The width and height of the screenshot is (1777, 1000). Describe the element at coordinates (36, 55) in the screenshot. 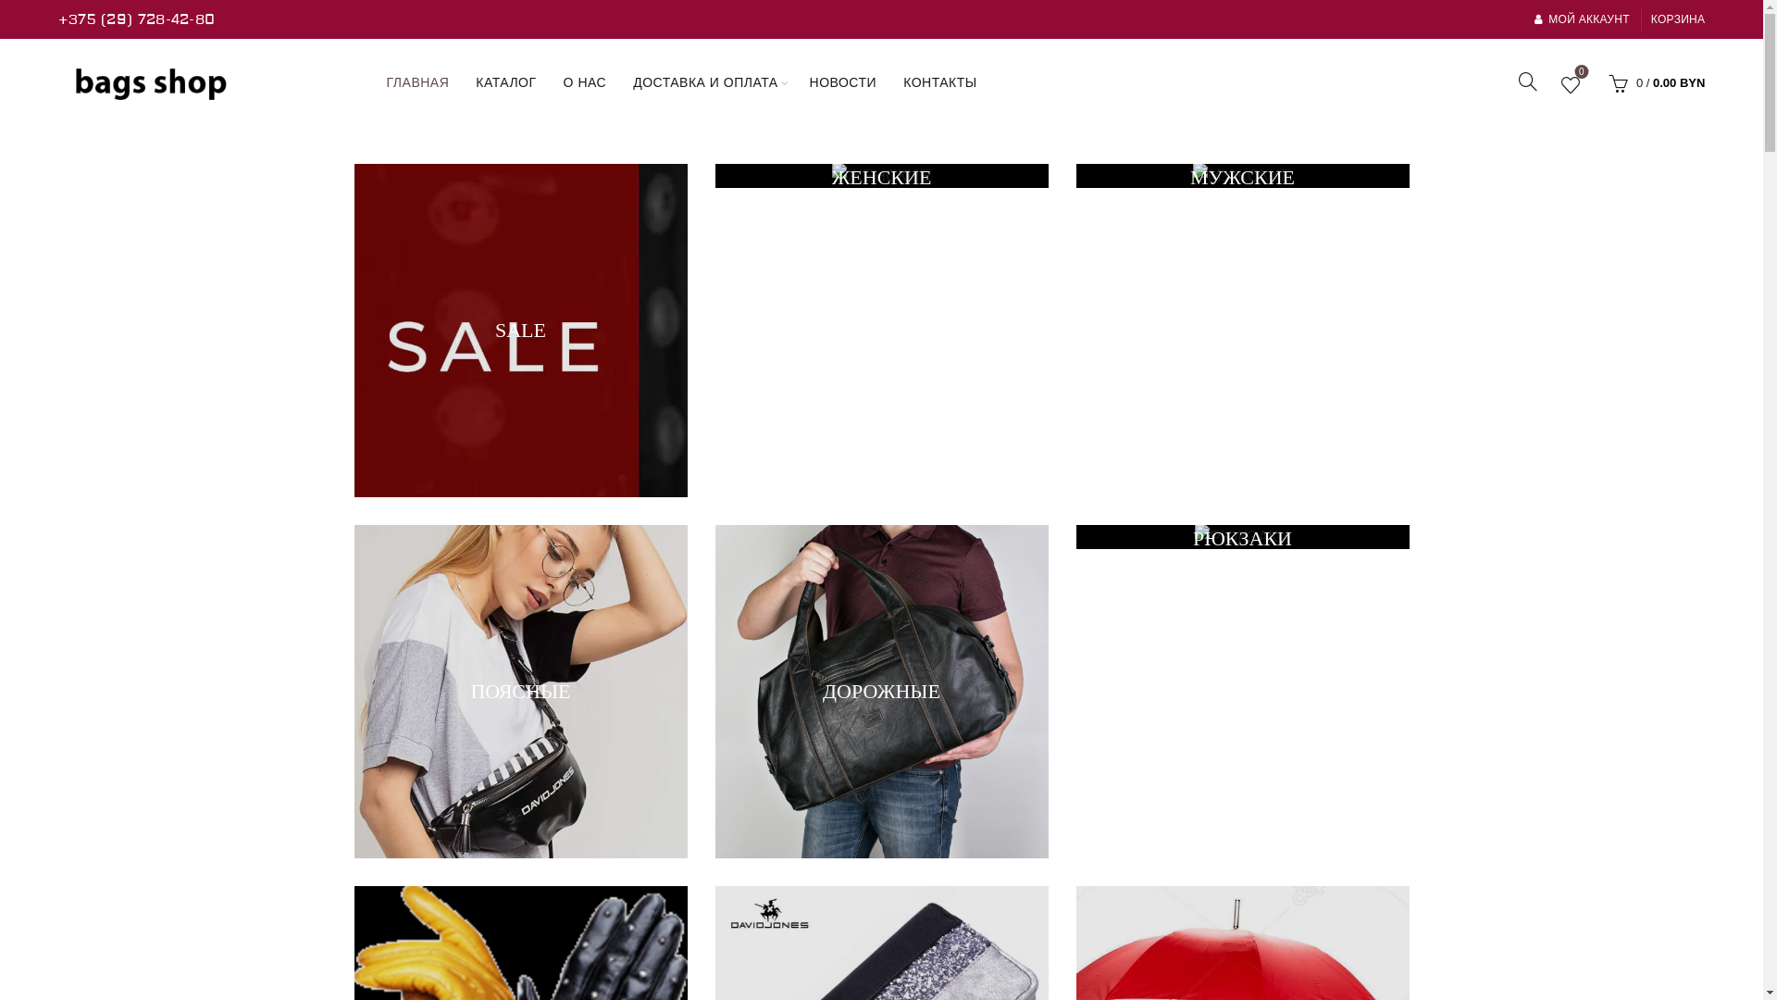

I see `'Search'` at that location.